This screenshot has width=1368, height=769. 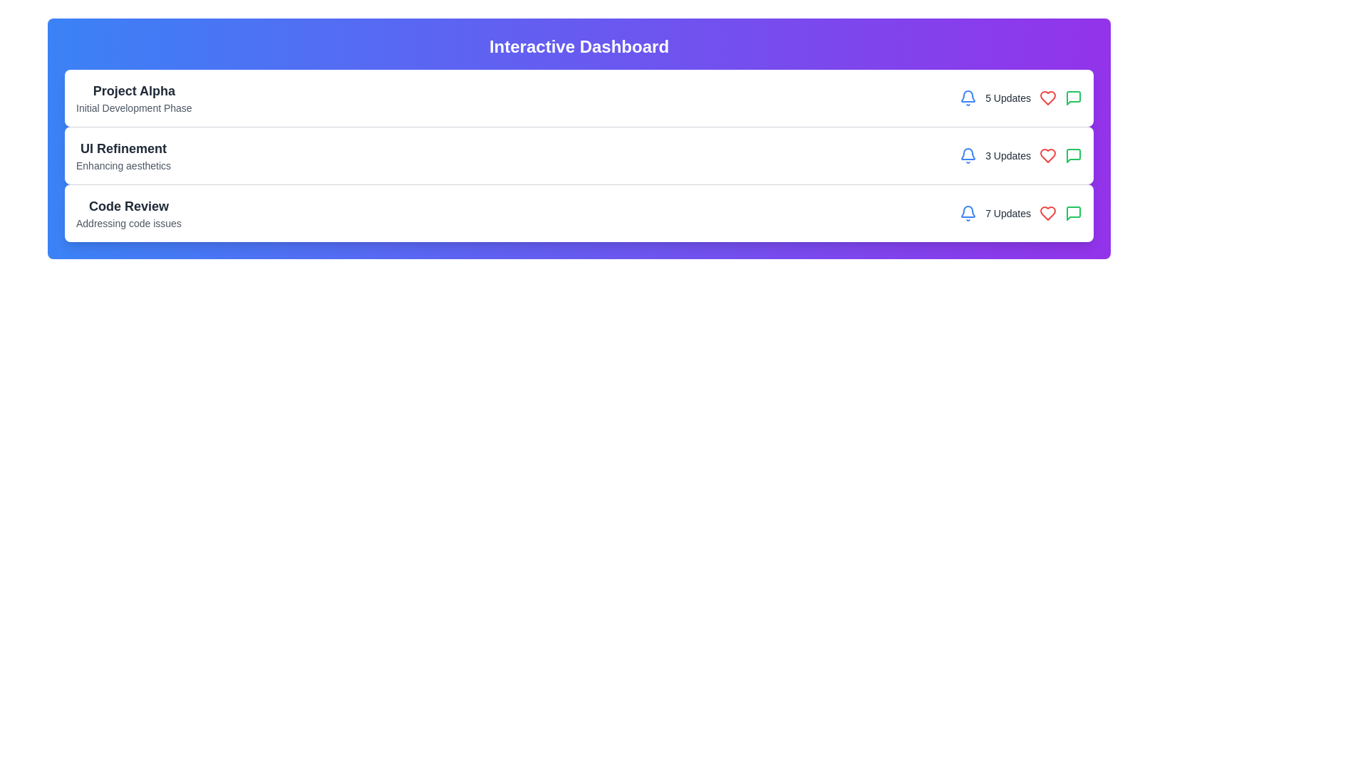 What do you see at coordinates (123, 148) in the screenshot?
I see `the text label 'UI Refinement', which is styled in a large, bold font with a dark gray color, located in the second entry of the project list` at bounding box center [123, 148].